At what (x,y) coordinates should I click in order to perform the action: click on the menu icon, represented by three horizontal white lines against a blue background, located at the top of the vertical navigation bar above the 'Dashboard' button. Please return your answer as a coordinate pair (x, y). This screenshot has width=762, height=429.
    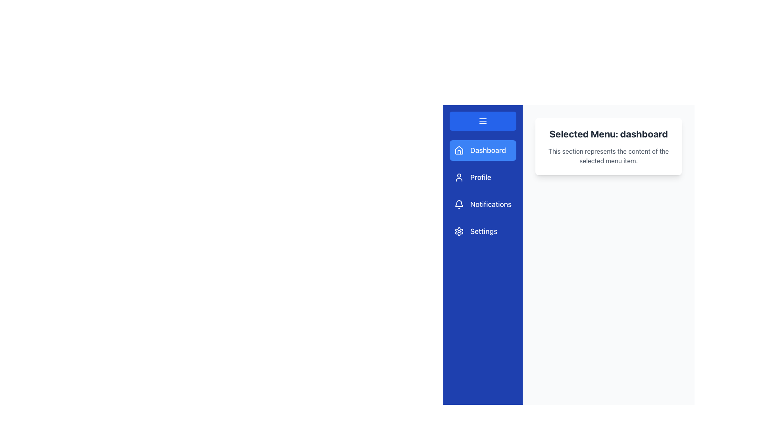
    Looking at the image, I should click on (483, 121).